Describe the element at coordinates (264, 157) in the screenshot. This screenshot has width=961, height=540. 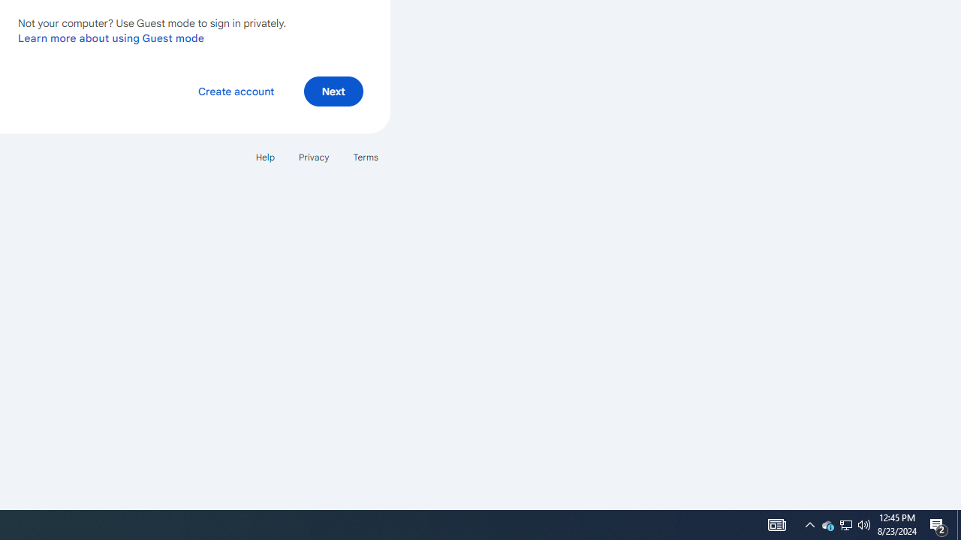
I see `'Help'` at that location.